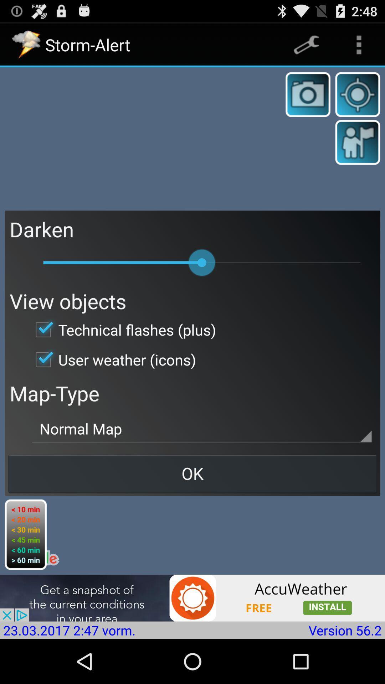  I want to click on the photo icon, so click(308, 101).